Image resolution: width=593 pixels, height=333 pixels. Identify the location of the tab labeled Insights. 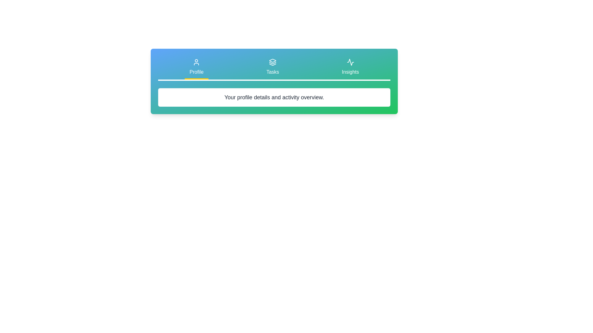
(350, 68).